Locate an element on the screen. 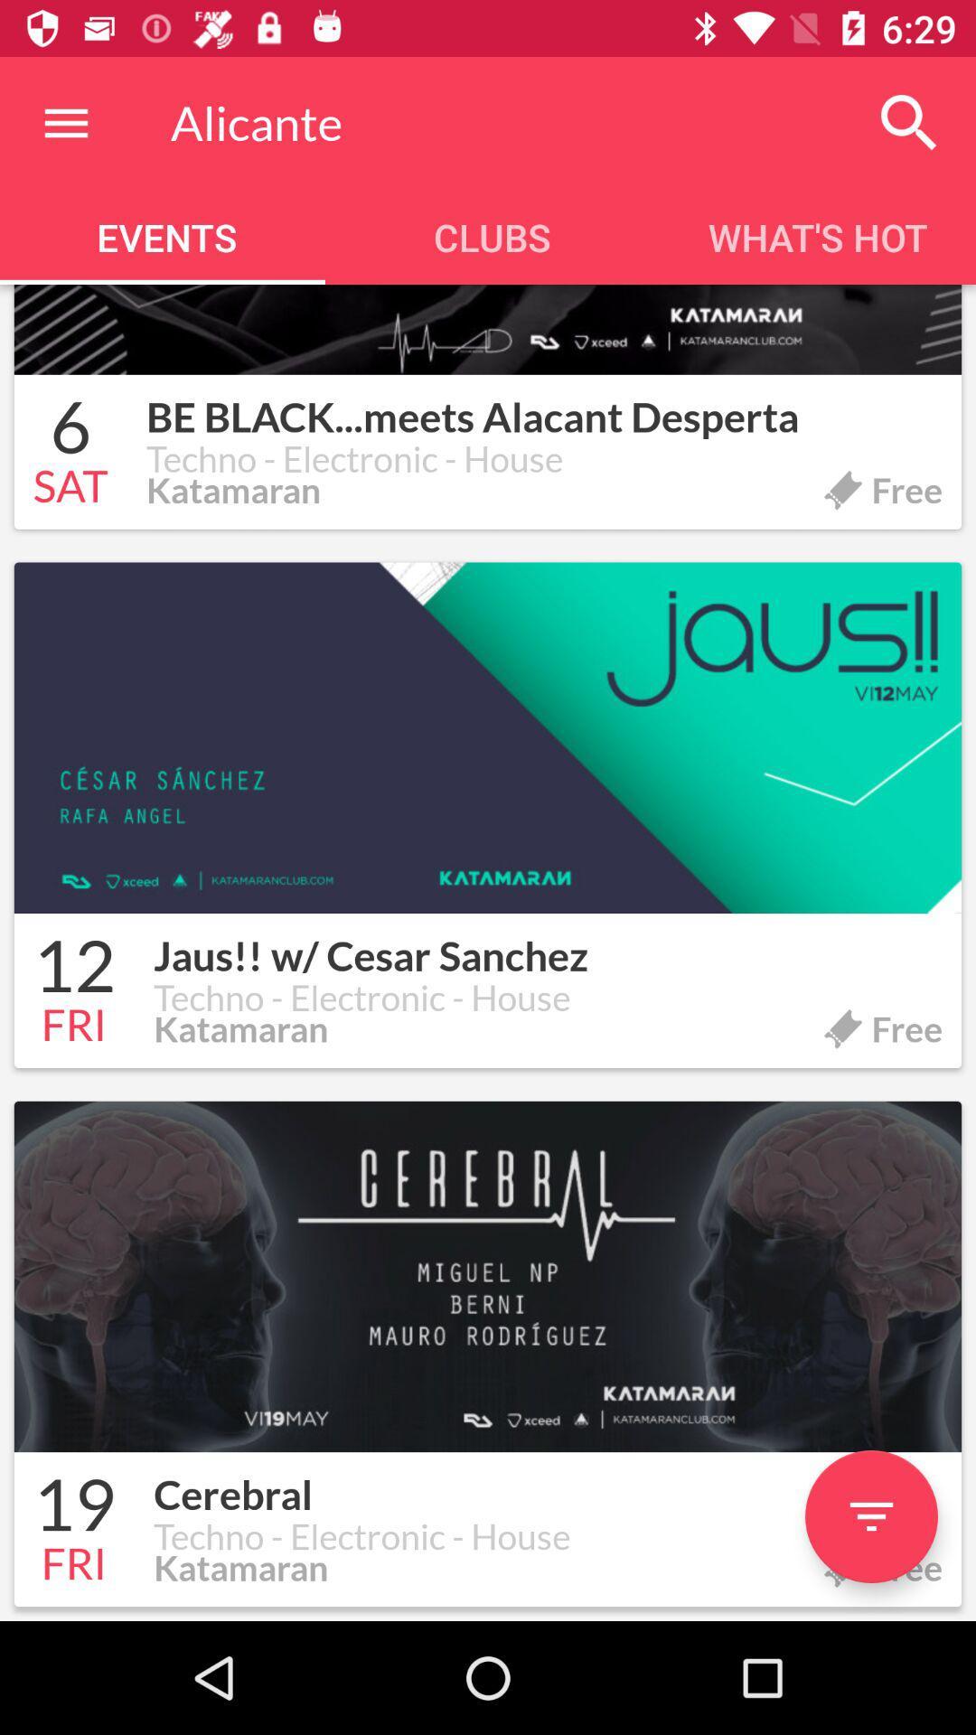 This screenshot has width=976, height=1735. the item to the left of techno - electronic - house is located at coordinates (70, 488).